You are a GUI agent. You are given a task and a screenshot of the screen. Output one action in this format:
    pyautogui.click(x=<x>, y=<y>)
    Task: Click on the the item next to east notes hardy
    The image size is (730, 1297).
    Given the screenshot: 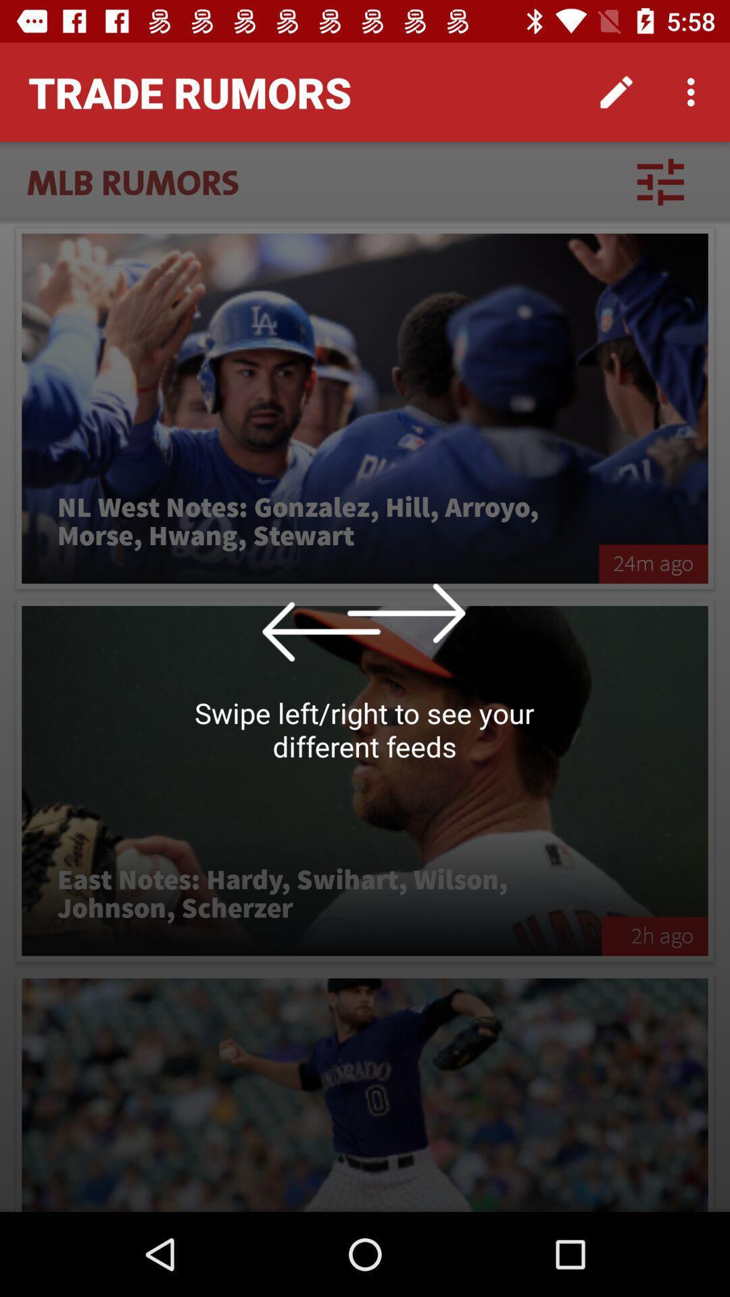 What is the action you would take?
    pyautogui.click(x=654, y=936)
    